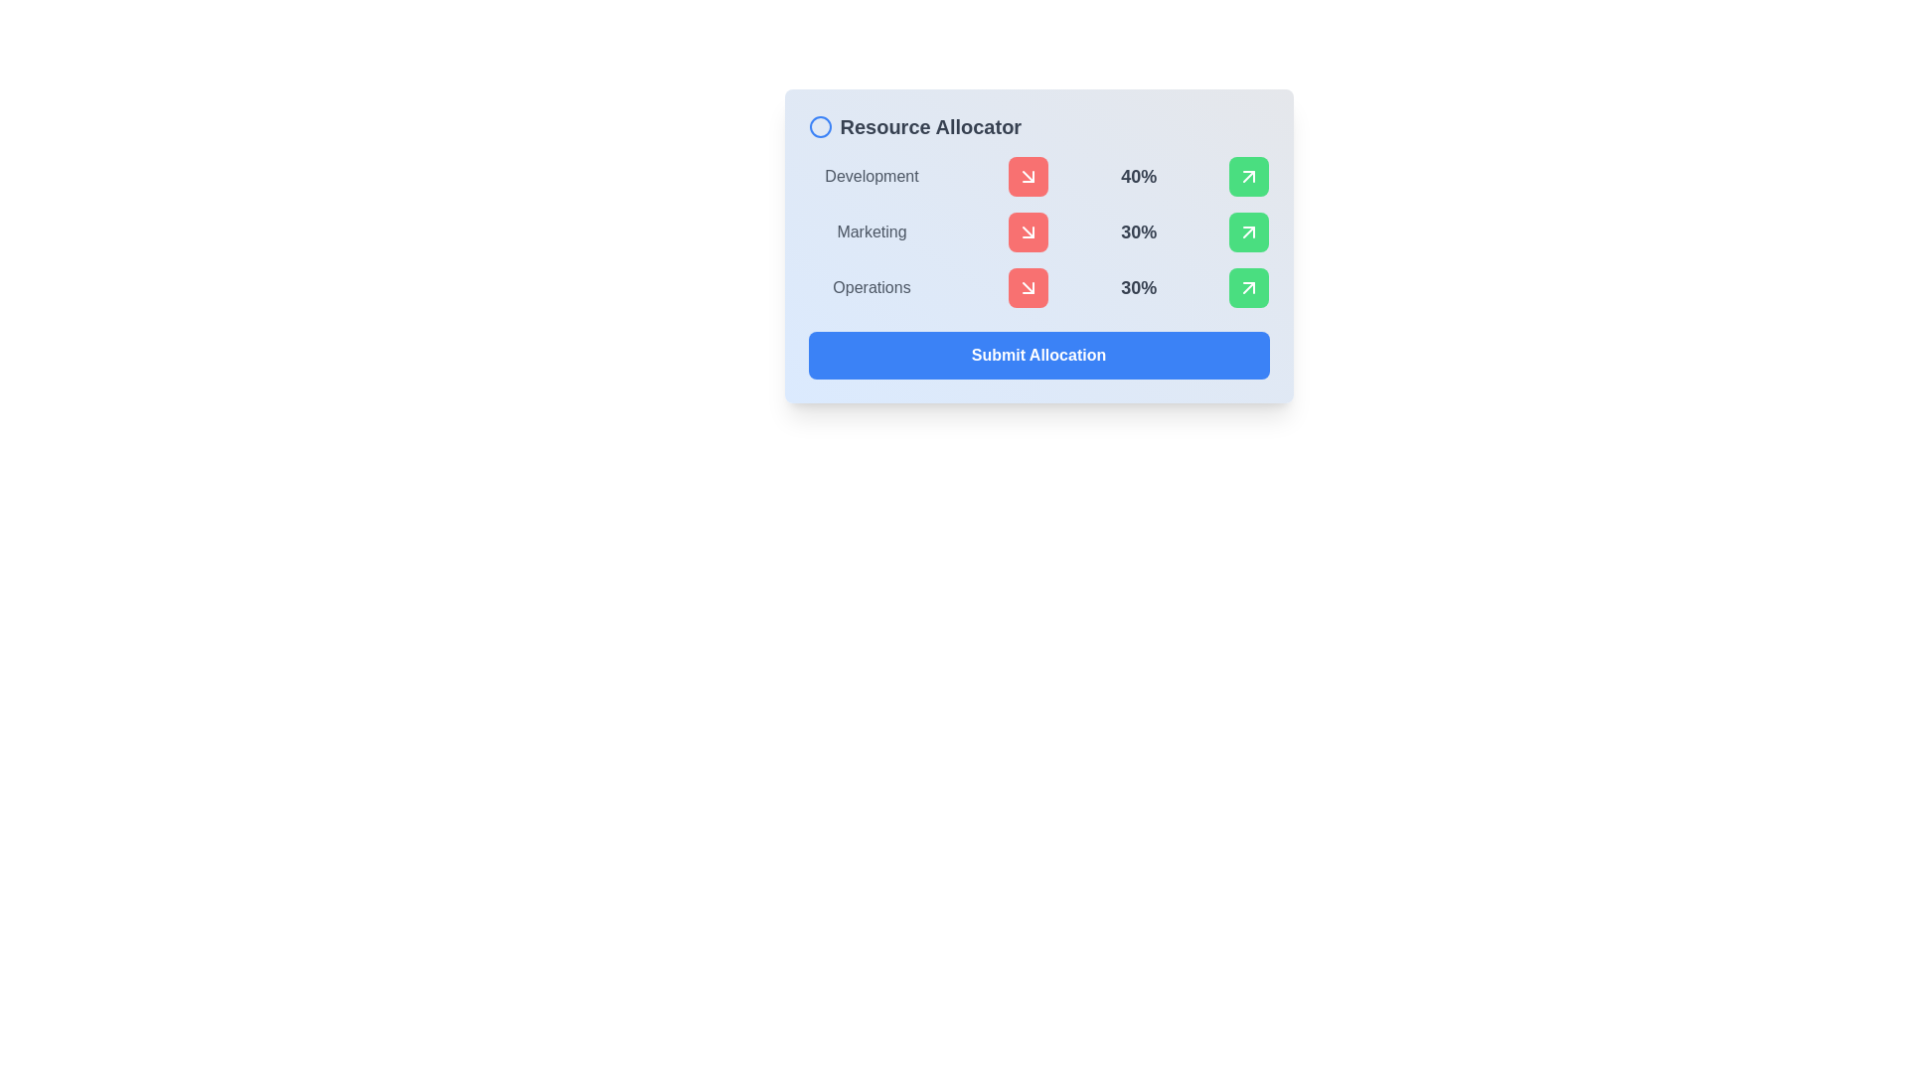 The image size is (1908, 1073). What do you see at coordinates (1028, 231) in the screenshot?
I see `the second red down-right arrow icon in the 'Resource Allocator' interface, which symbolizes a decrease associated with the 'Marketing' row` at bounding box center [1028, 231].